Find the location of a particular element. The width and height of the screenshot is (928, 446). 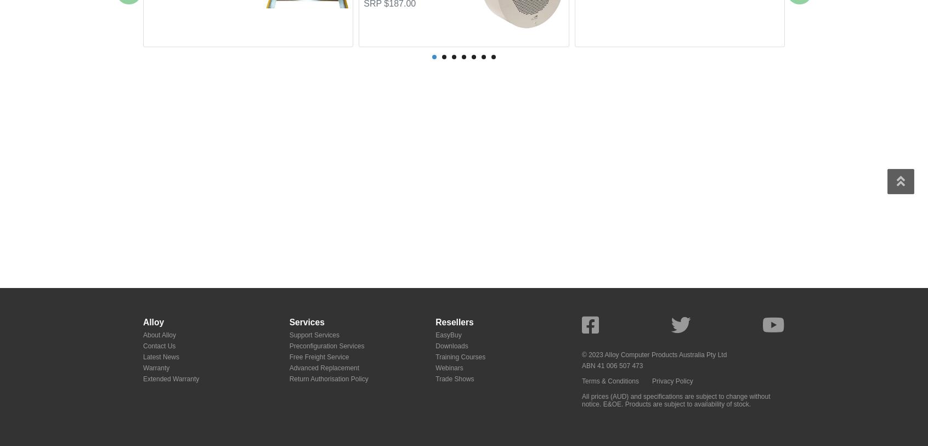

'Latest News' is located at coordinates (161, 356).